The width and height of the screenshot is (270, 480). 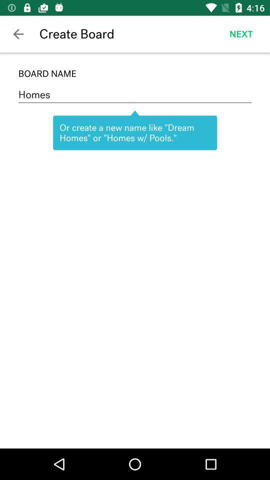 What do you see at coordinates (135, 73) in the screenshot?
I see `the board name icon` at bounding box center [135, 73].